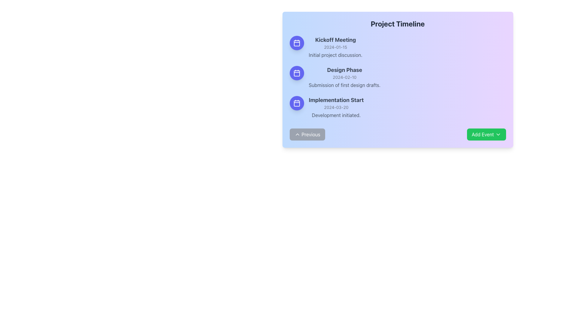  Describe the element at coordinates (297, 103) in the screenshot. I see `the calendar icon representing the 'Implementation Start' event located to the left of the title and details in the Project Timeline section of the card interface` at that location.